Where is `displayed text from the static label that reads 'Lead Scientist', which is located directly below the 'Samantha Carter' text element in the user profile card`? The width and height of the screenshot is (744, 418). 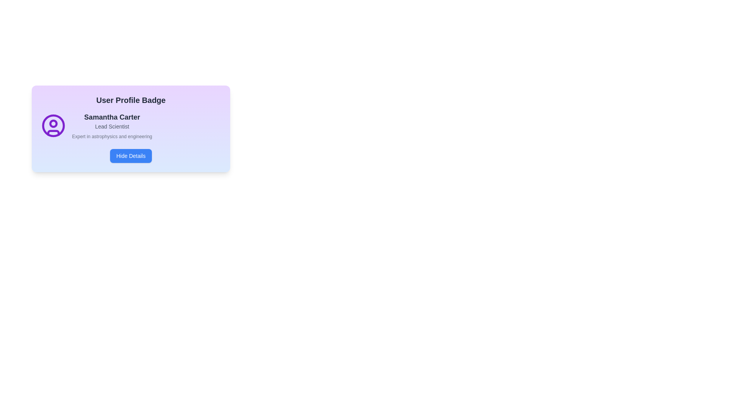 displayed text from the static label that reads 'Lead Scientist', which is located directly below the 'Samantha Carter' text element in the user profile card is located at coordinates (112, 126).